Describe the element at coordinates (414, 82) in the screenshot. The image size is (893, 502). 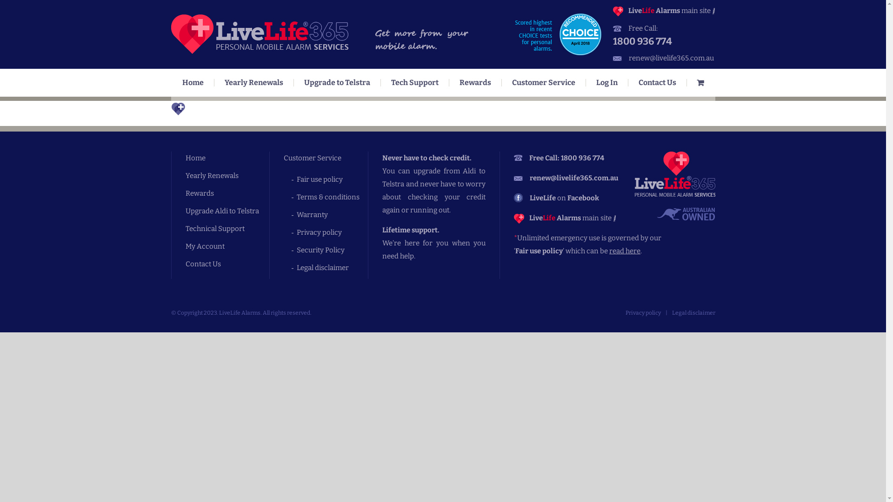
I see `'Tech Support'` at that location.